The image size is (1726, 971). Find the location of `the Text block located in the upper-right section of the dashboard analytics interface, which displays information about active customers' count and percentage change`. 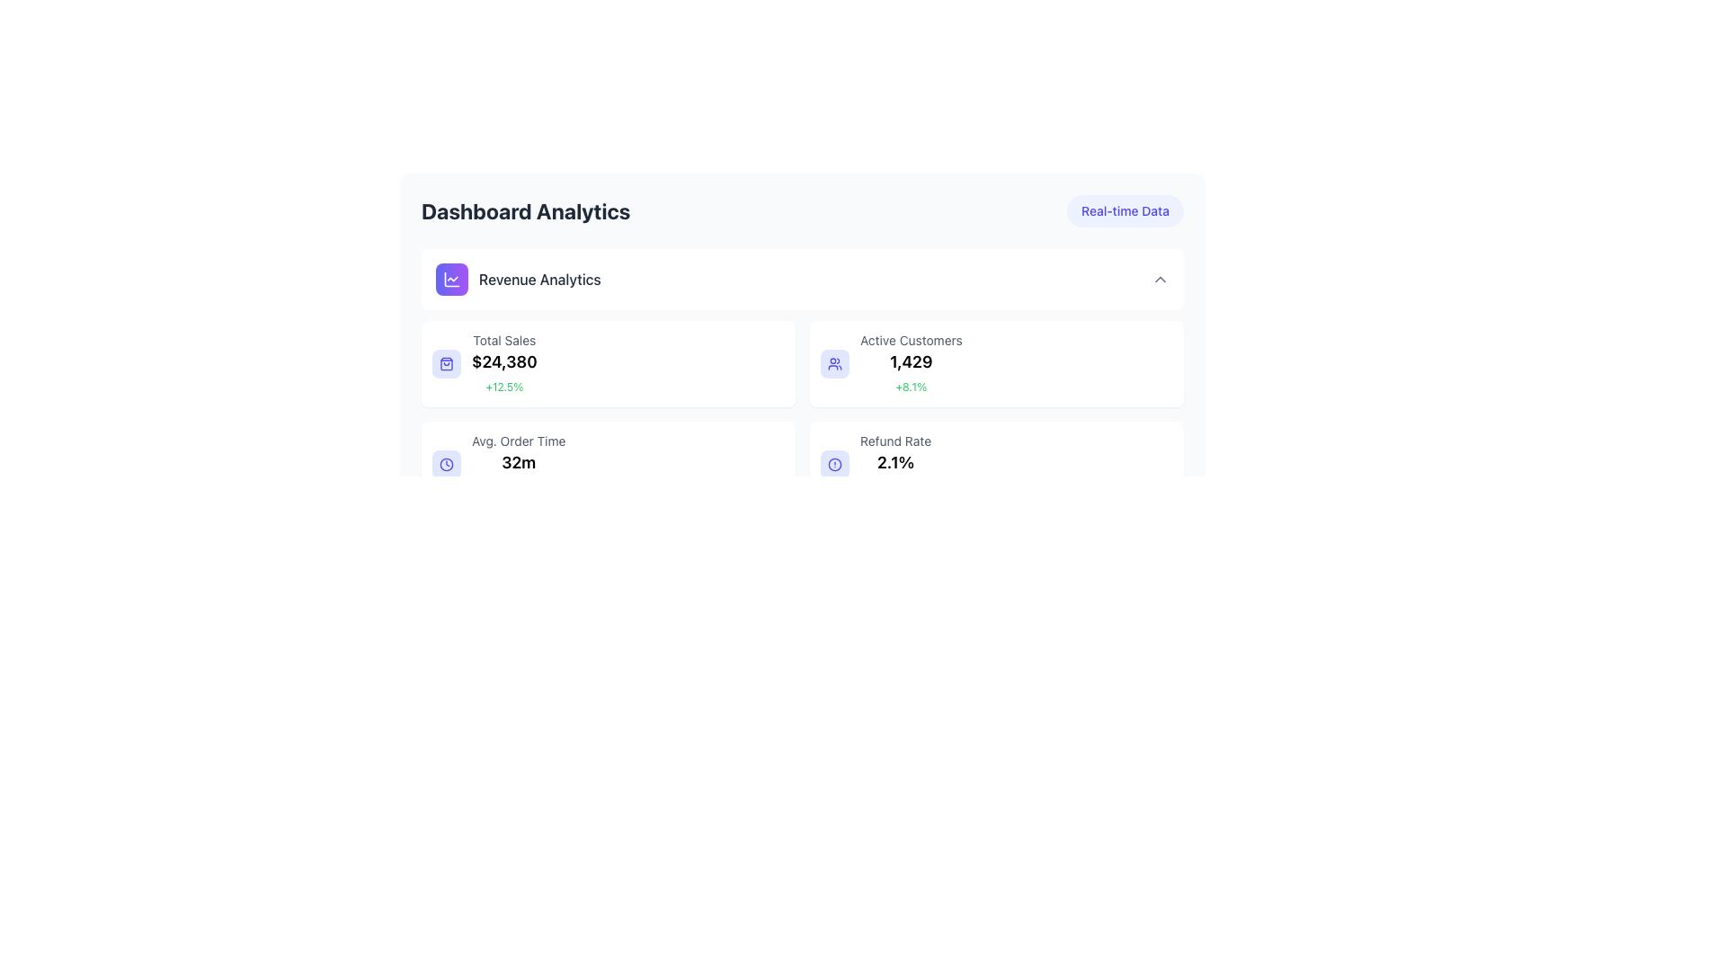

the Text block located in the upper-right section of the dashboard analytics interface, which displays information about active customers' count and percentage change is located at coordinates (911, 364).